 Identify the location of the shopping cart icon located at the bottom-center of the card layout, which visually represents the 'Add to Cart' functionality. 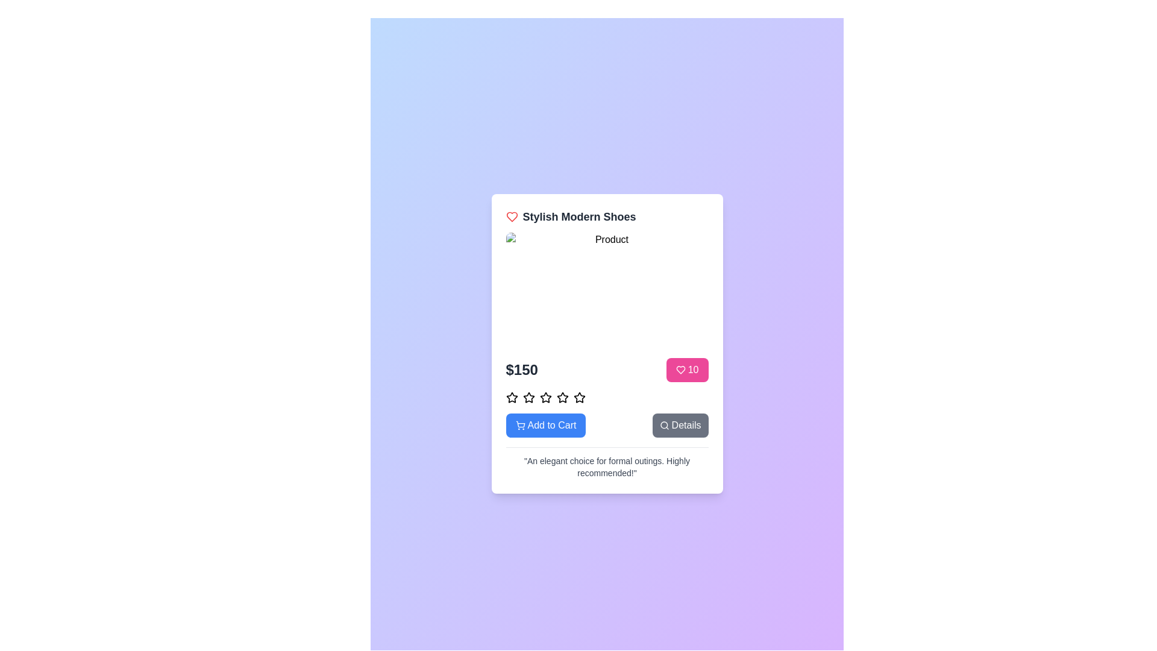
(520, 423).